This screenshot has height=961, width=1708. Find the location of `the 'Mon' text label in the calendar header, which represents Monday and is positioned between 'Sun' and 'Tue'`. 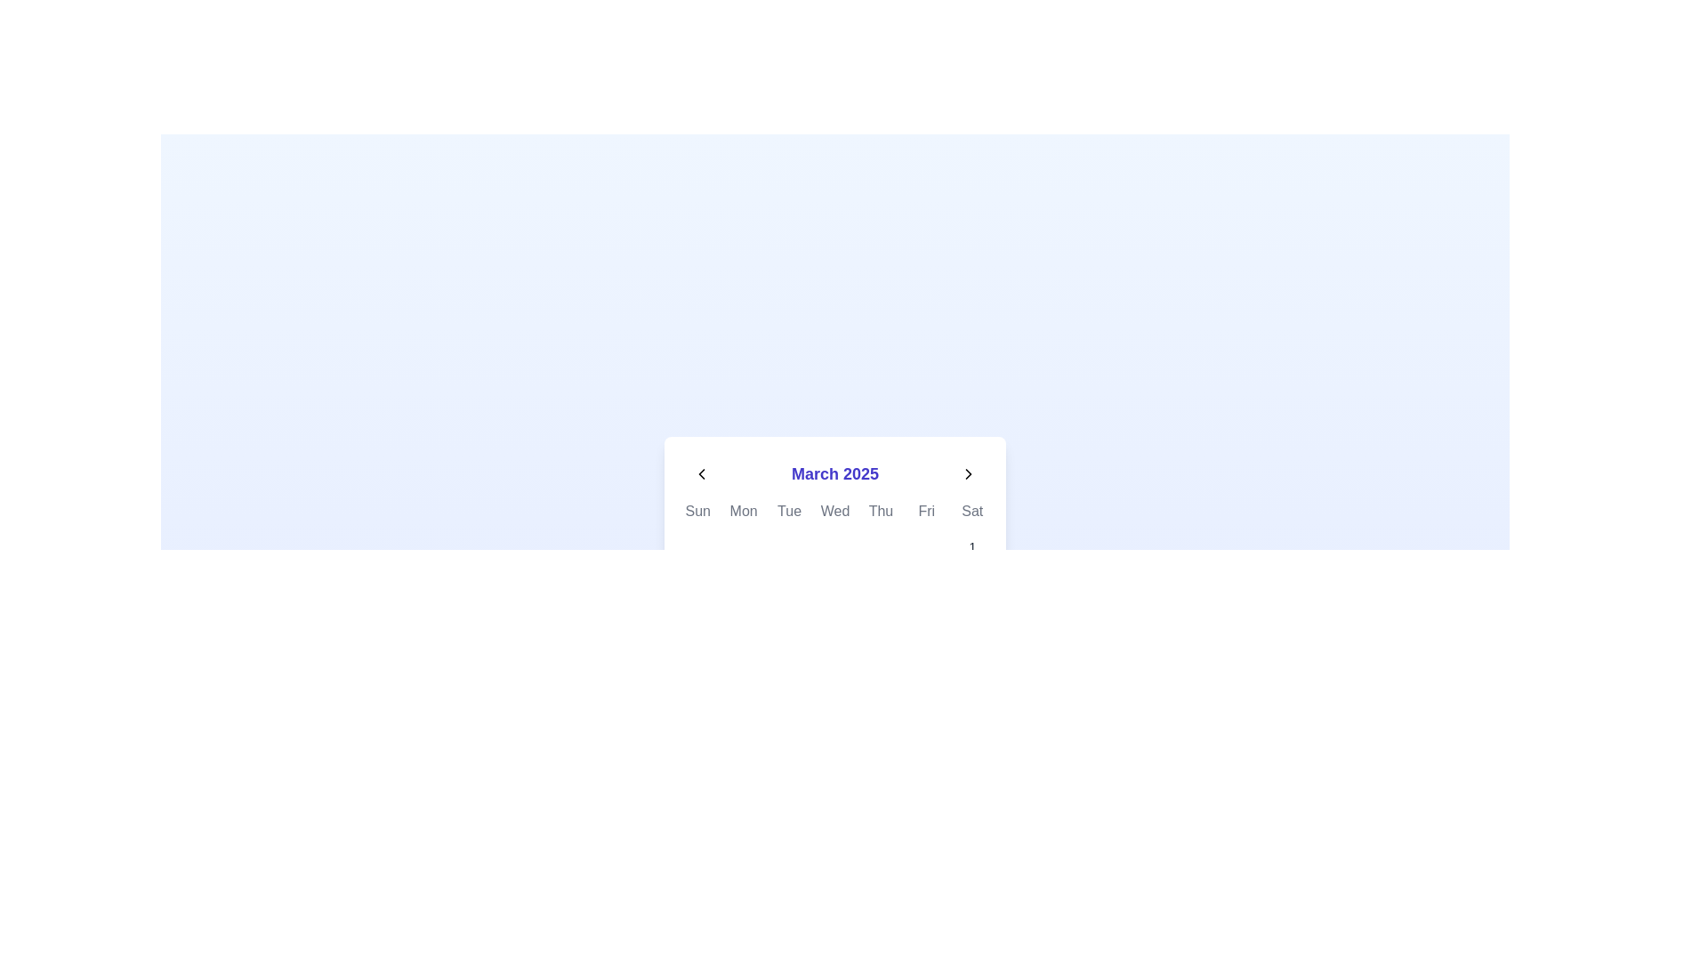

the 'Mon' text label in the calendar header, which represents Monday and is positioned between 'Sun' and 'Tue' is located at coordinates (744, 511).